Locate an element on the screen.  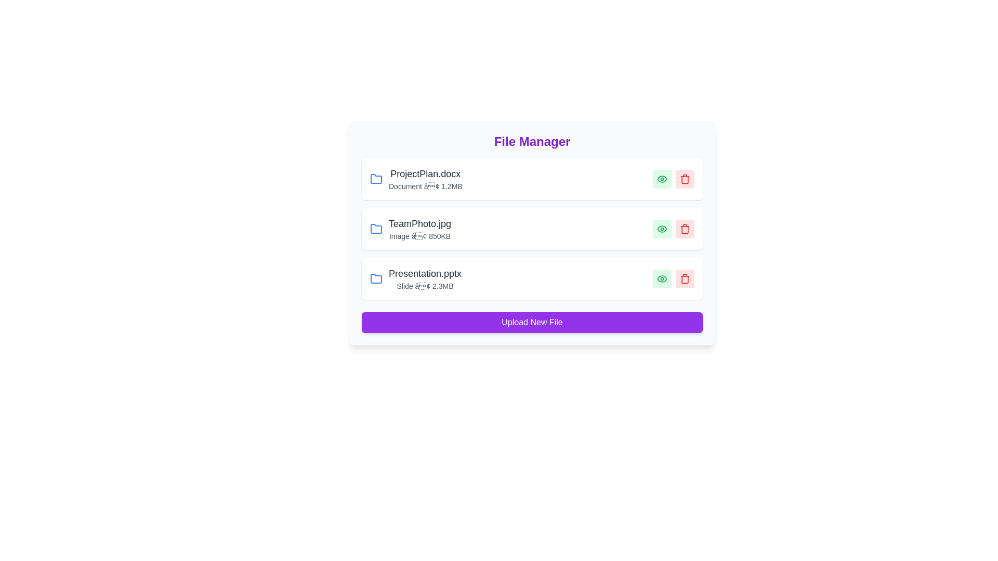
the folder icon for Presentation.pptx to navigate into its folder is located at coordinates (376, 278).